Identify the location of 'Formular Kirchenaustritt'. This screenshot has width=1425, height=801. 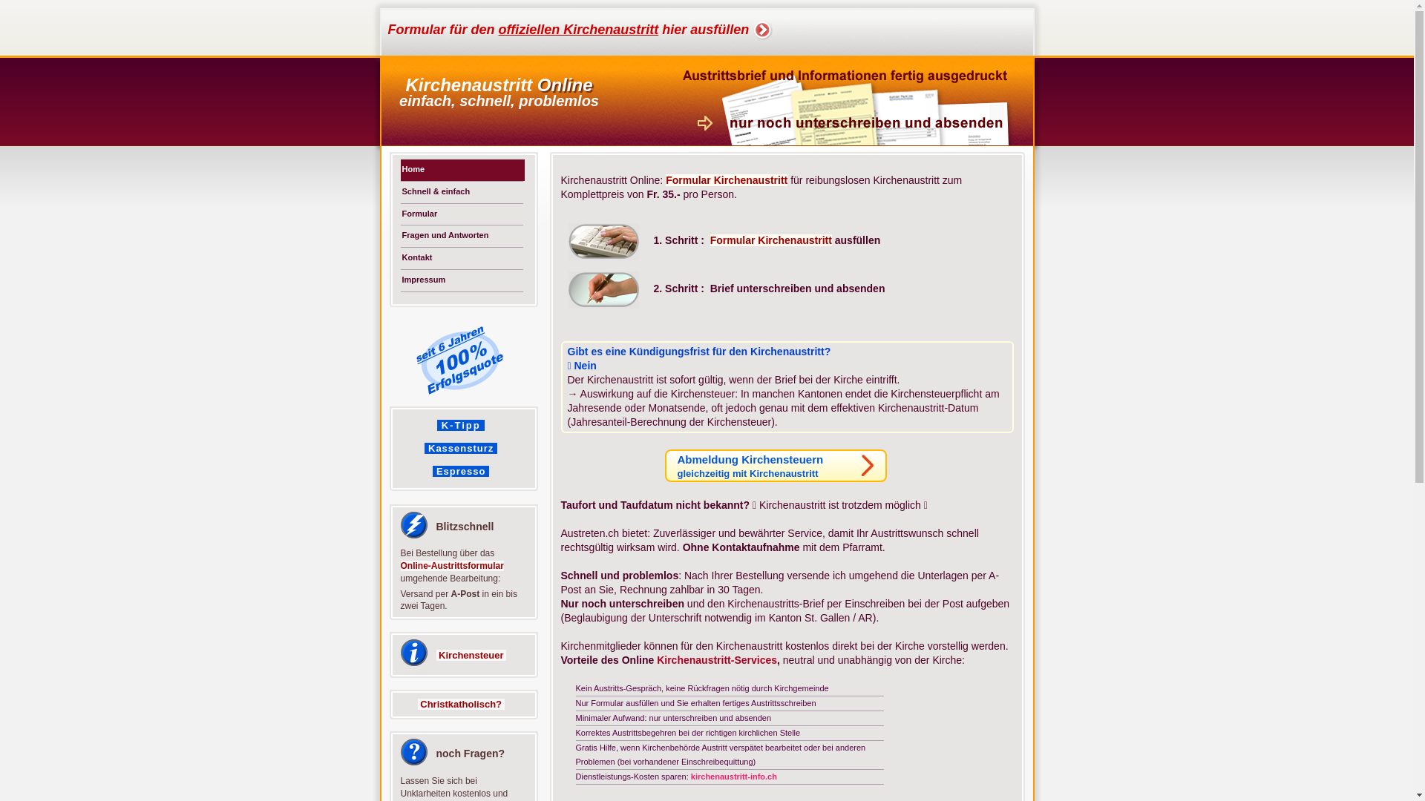
(727, 179).